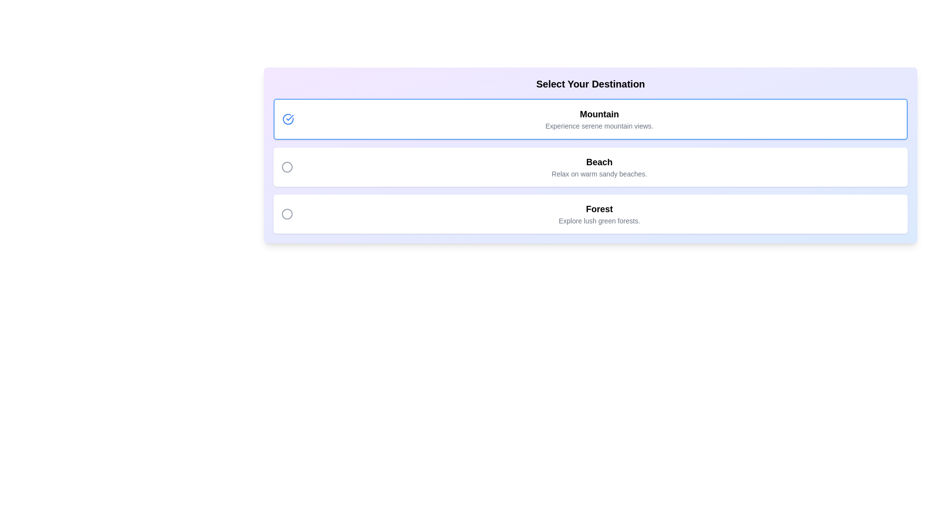  I want to click on the 'Beach' selectable option to read the description and learn more about the Beach destination, so click(590, 167).